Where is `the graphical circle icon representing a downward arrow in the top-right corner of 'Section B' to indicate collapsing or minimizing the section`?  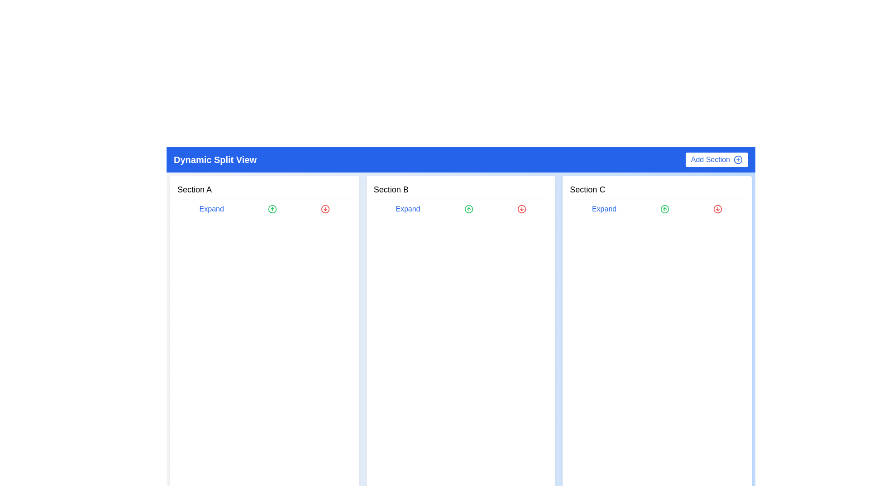
the graphical circle icon representing a downward arrow in the top-right corner of 'Section B' to indicate collapsing or minimizing the section is located at coordinates (521, 209).